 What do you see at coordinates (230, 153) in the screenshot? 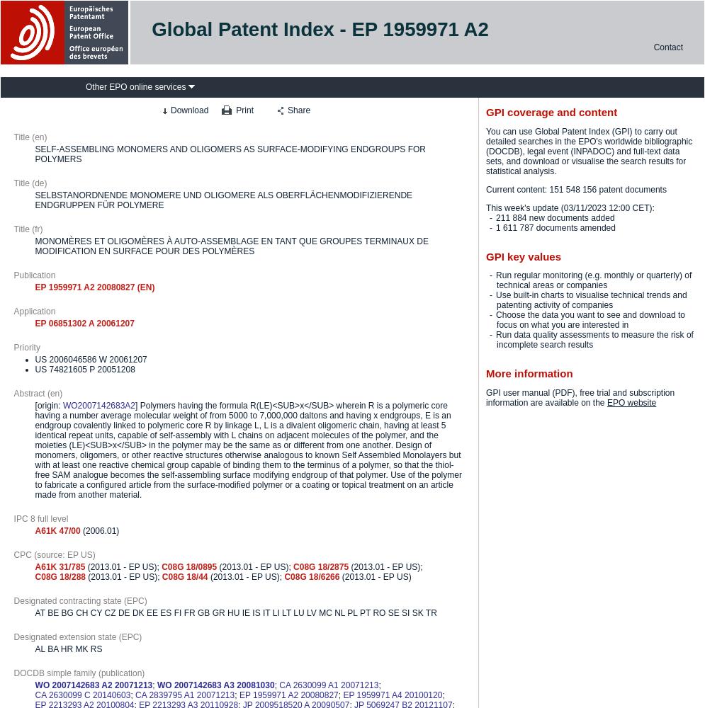
I see `'SELF-ASSEMBLING MONOMERS AND OLIGOMERS AS SURFACE-MODIFYING ENDGROUPS FOR POLYMERS'` at bounding box center [230, 153].